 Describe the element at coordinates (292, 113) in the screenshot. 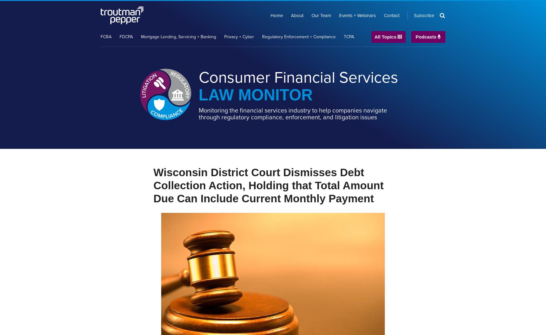

I see `'Monitoring the financial services industry to help companies navigate through regulatory compliance, enforcement, and litigation issues'` at that location.